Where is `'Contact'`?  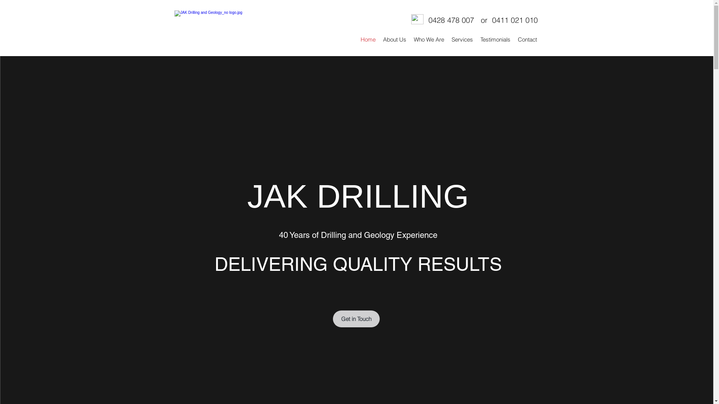 'Contact' is located at coordinates (527, 39).